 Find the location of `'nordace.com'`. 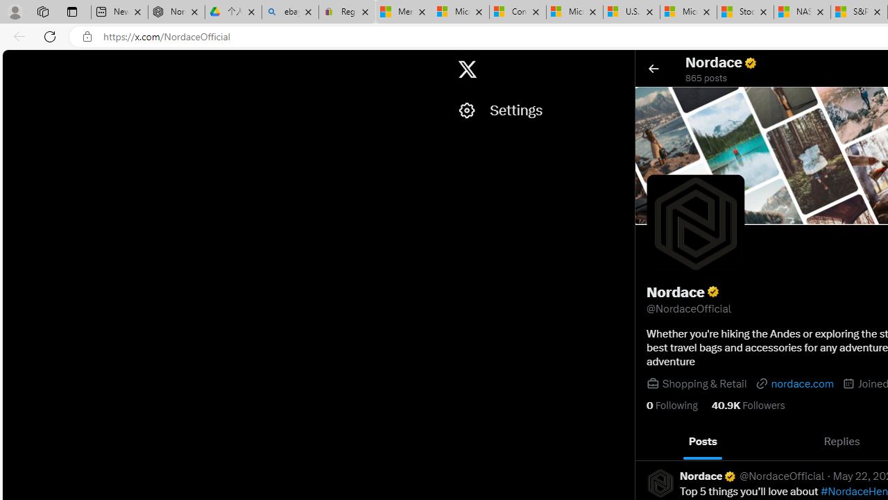

'nordace.com' is located at coordinates (794, 383).